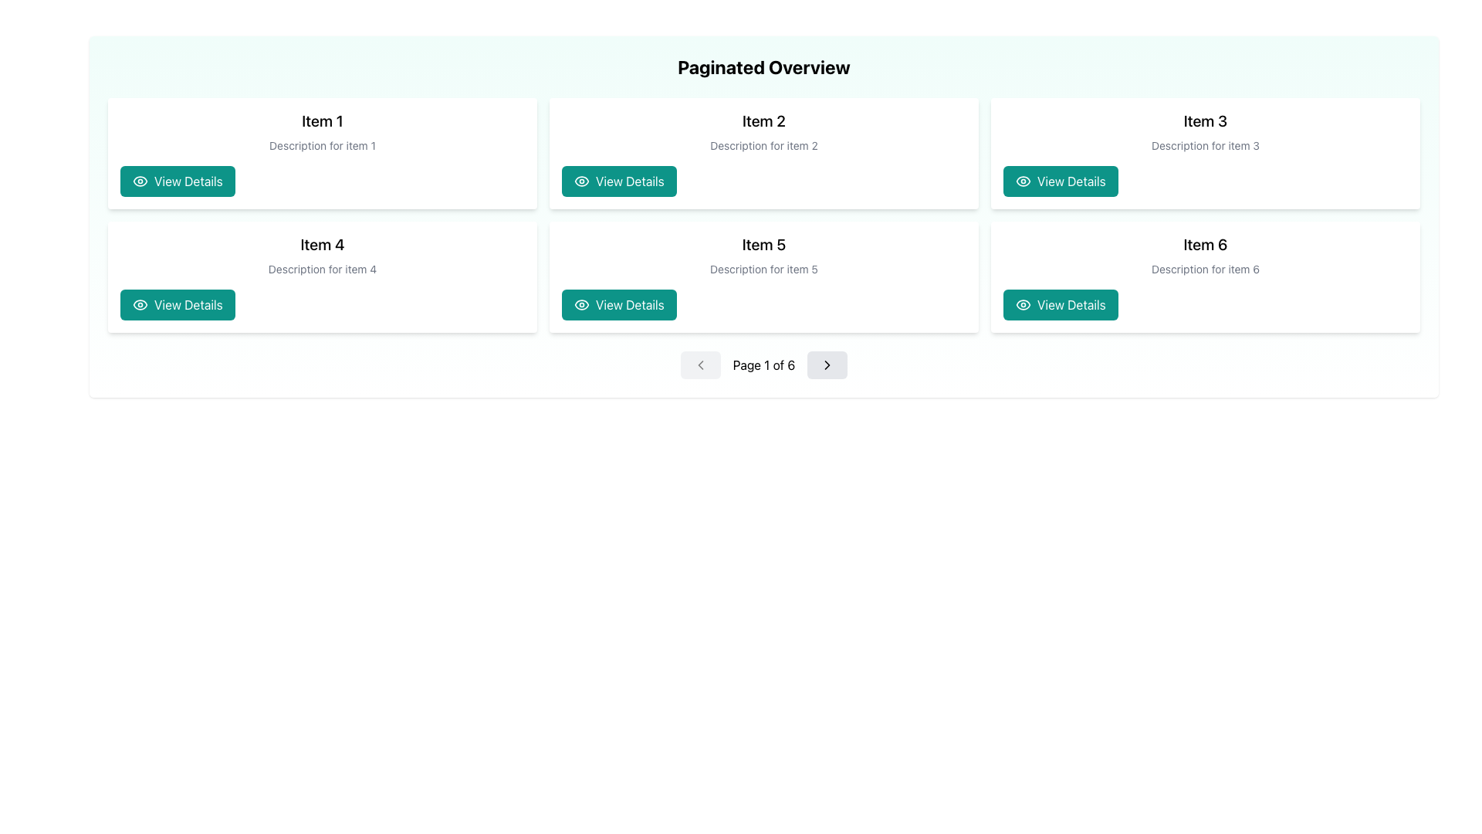 This screenshot has width=1482, height=834. What do you see at coordinates (1071, 181) in the screenshot?
I see `the 'View Details' text label within the button for 'Item 3'` at bounding box center [1071, 181].